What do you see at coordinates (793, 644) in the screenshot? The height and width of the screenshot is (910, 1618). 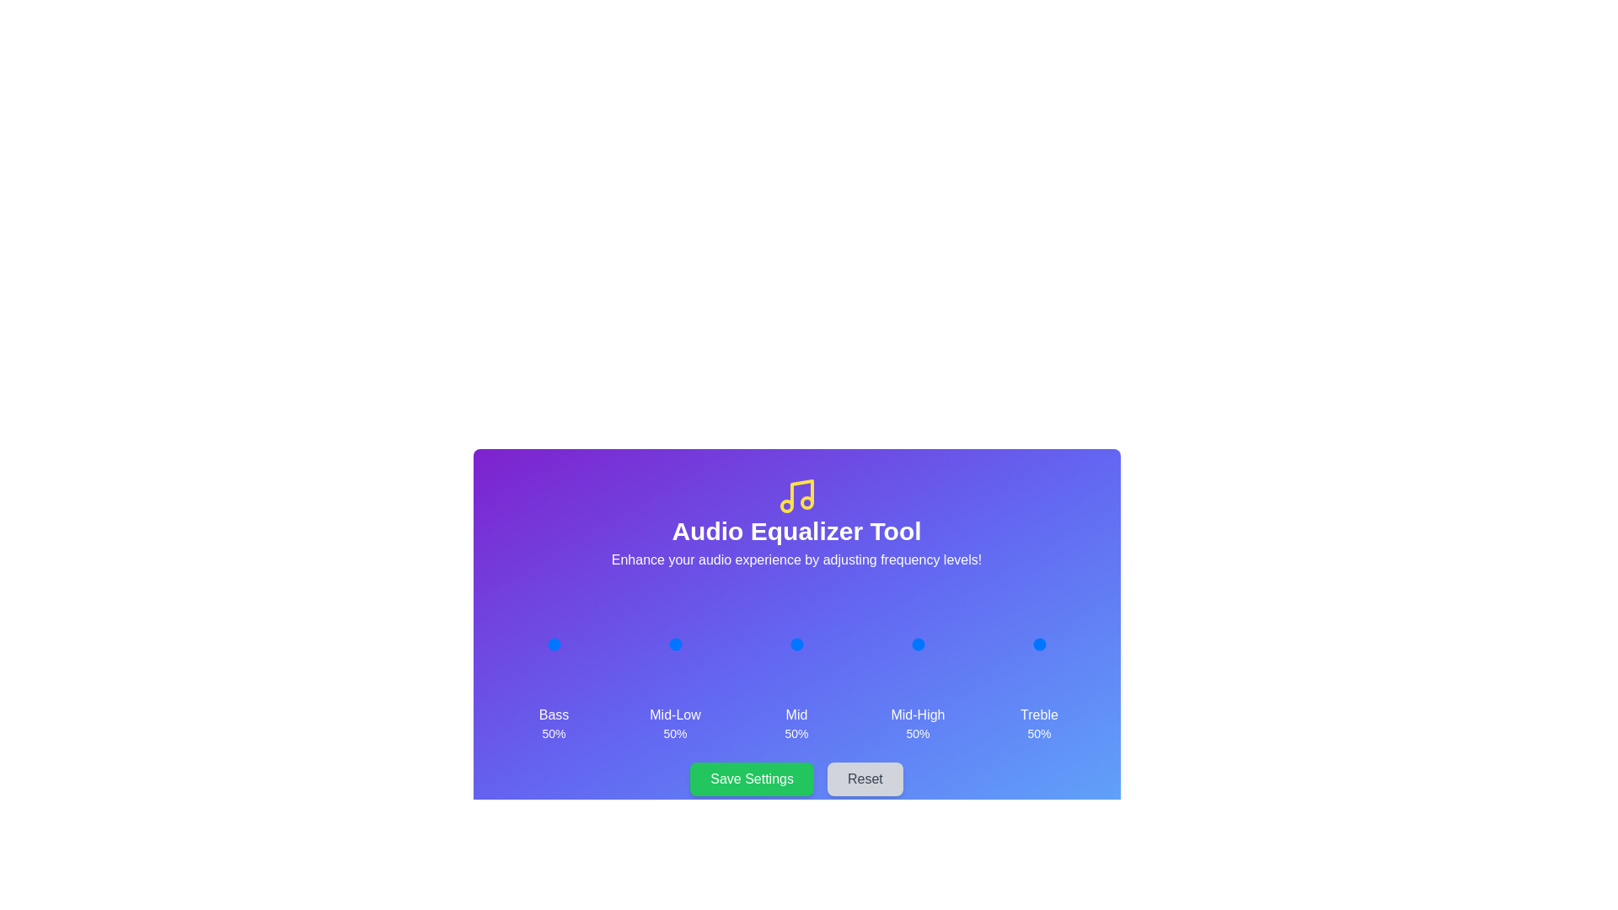 I see `the 2 slider to 46%` at bounding box center [793, 644].